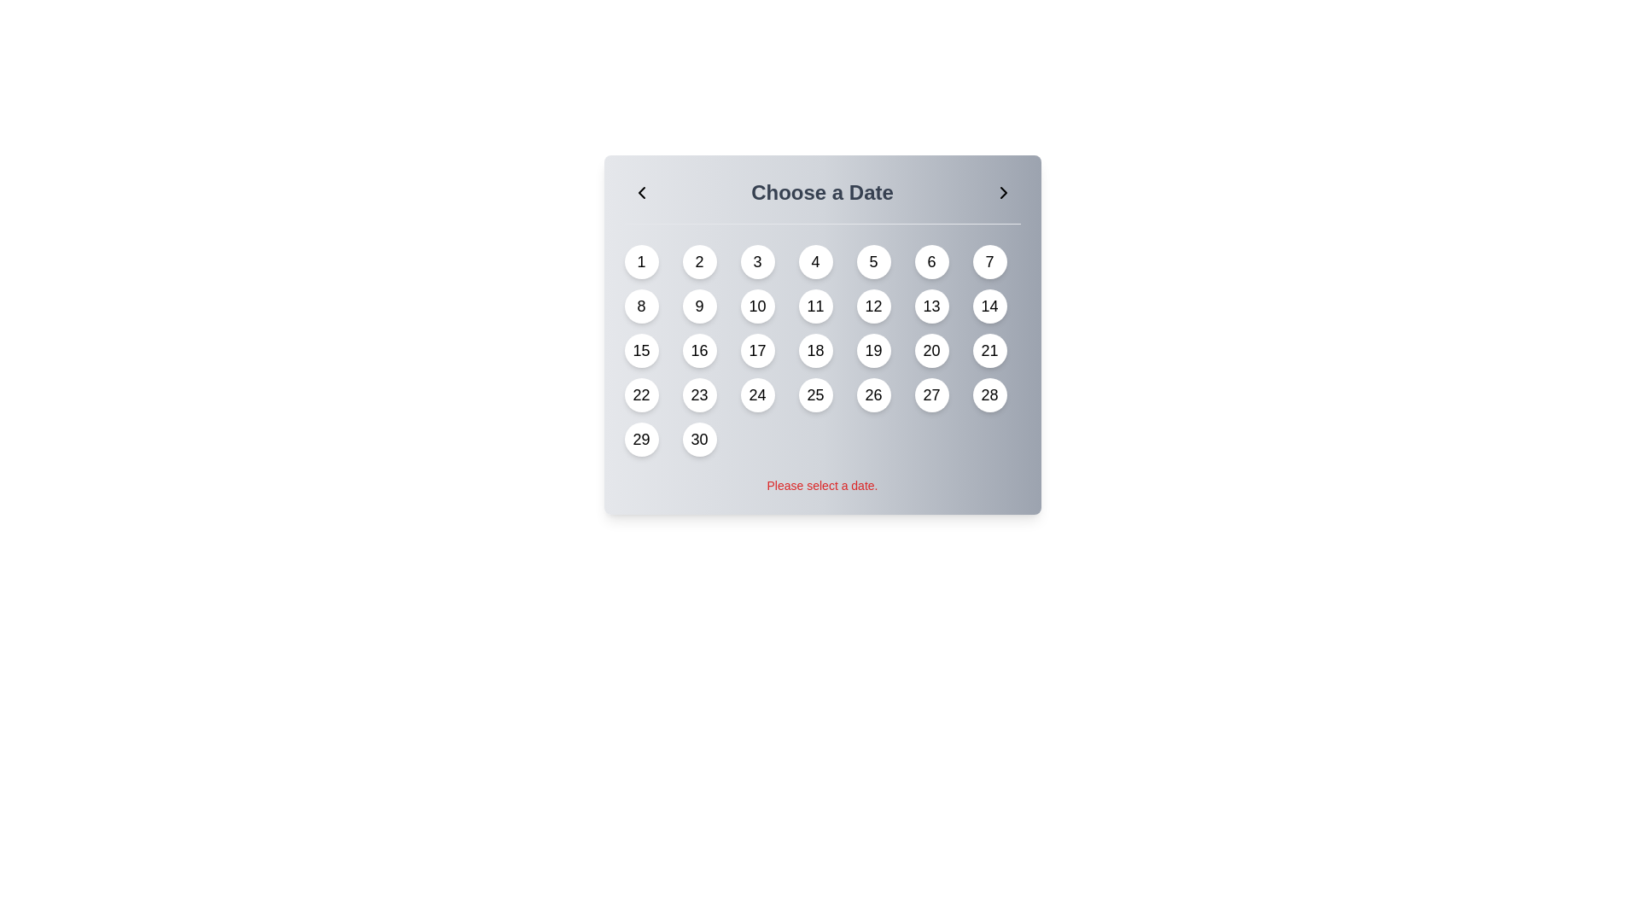 The height and width of the screenshot is (922, 1639). What do you see at coordinates (989, 305) in the screenshot?
I see `the circular button labeled '14'` at bounding box center [989, 305].